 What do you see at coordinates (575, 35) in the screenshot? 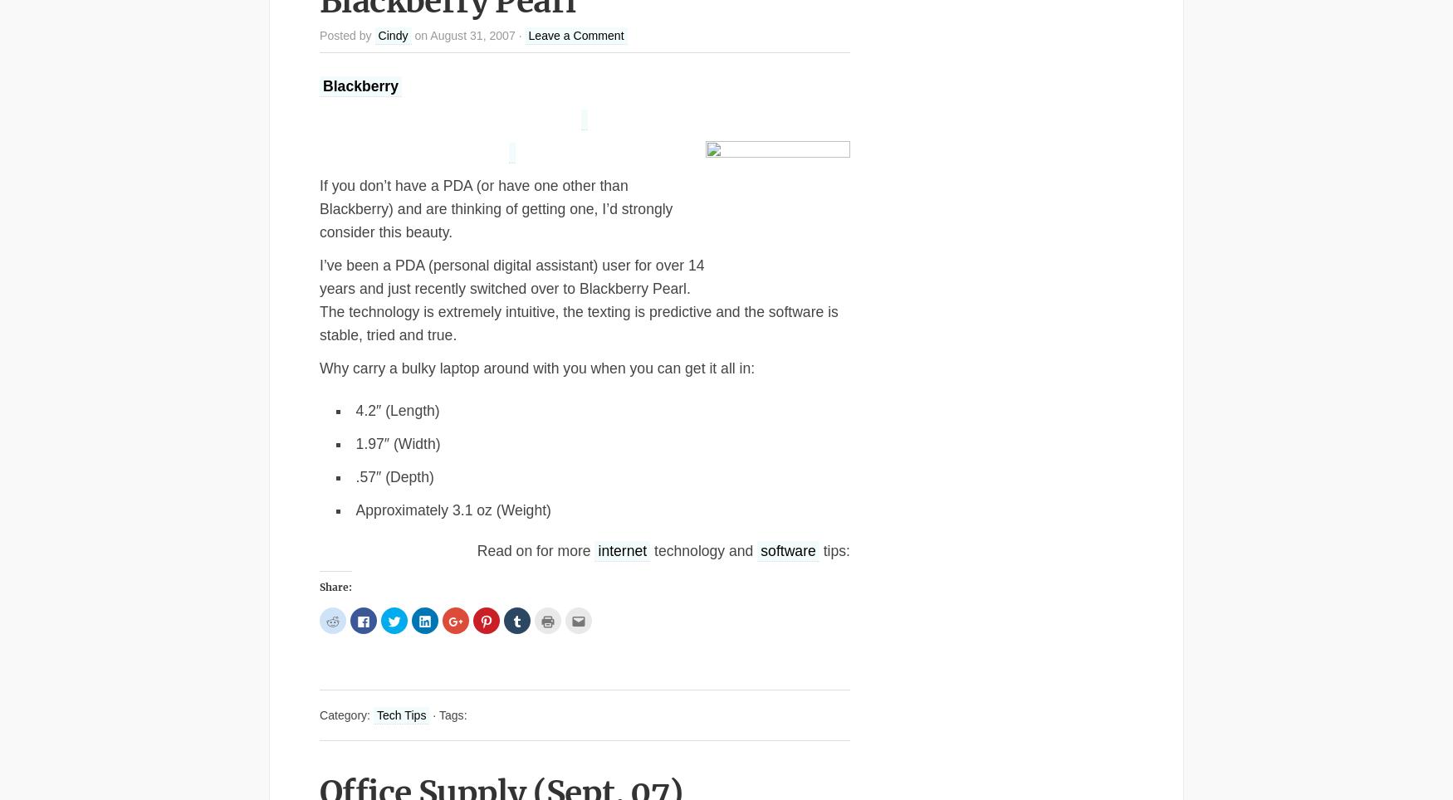
I see `'Leave a Comment'` at bounding box center [575, 35].